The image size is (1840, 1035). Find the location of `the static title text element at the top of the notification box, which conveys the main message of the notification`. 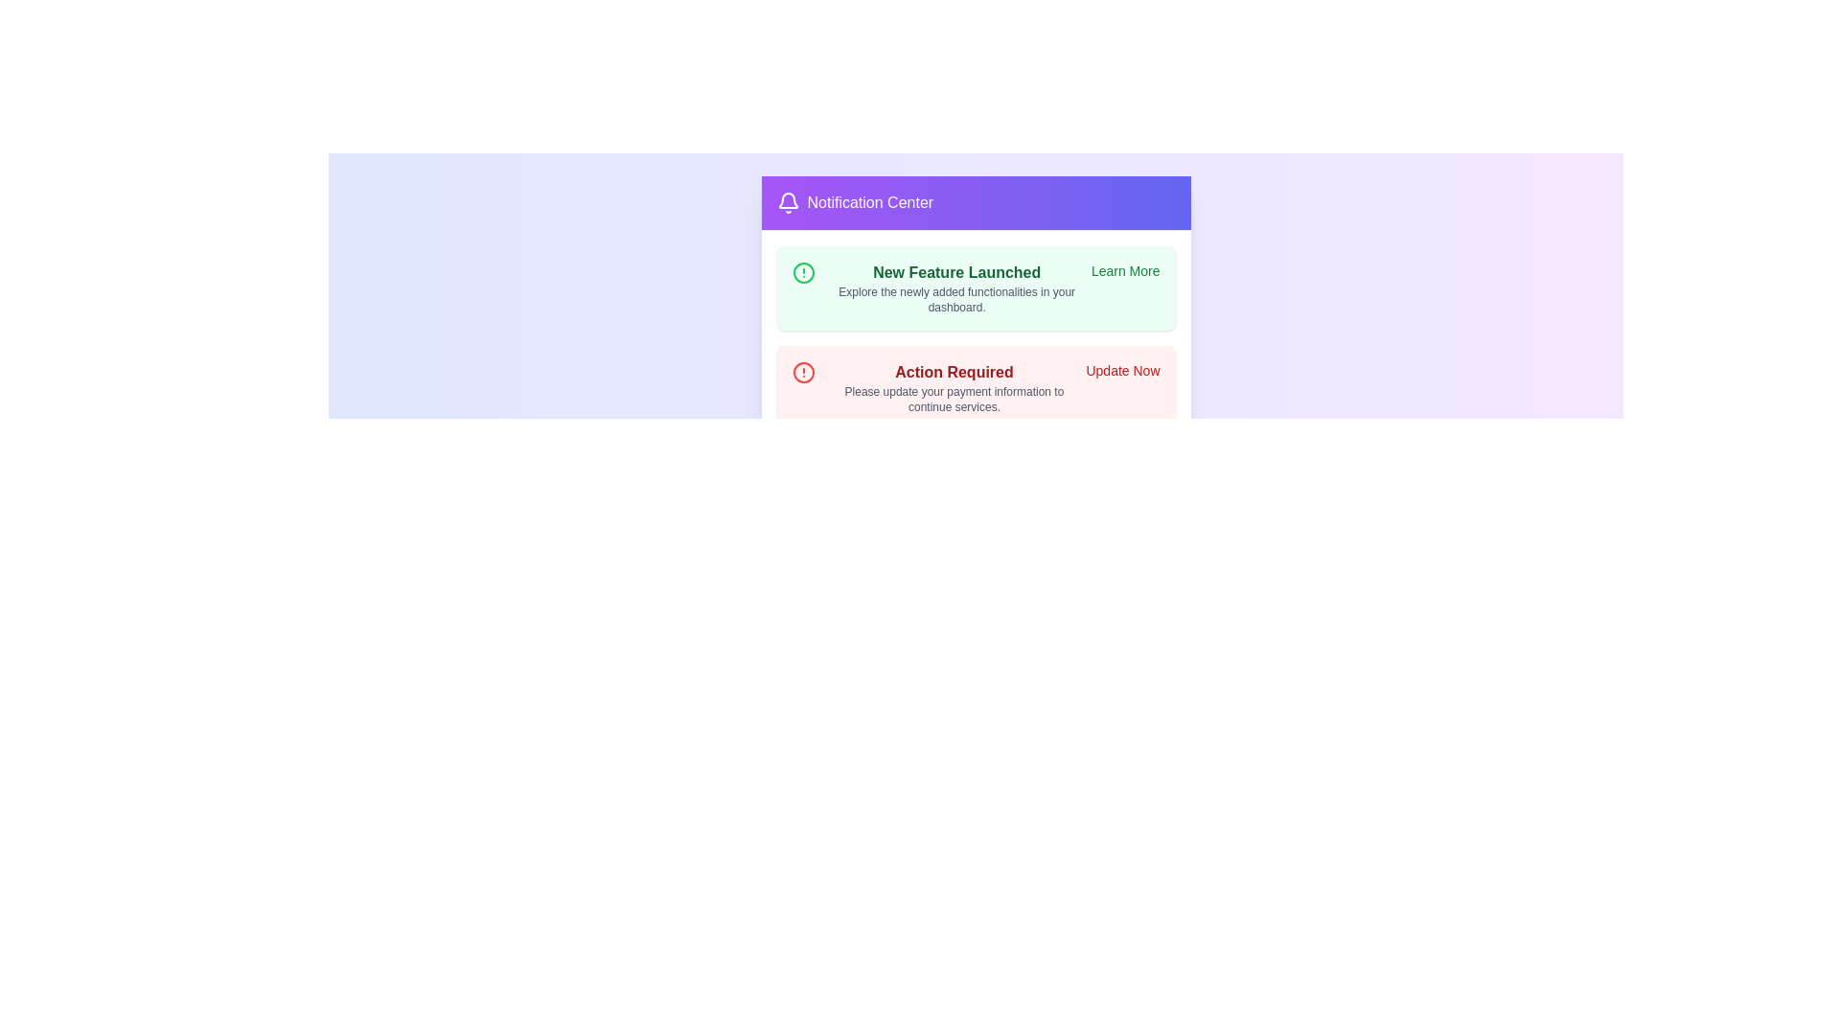

the static title text element at the top of the notification box, which conveys the main message of the notification is located at coordinates (956, 273).